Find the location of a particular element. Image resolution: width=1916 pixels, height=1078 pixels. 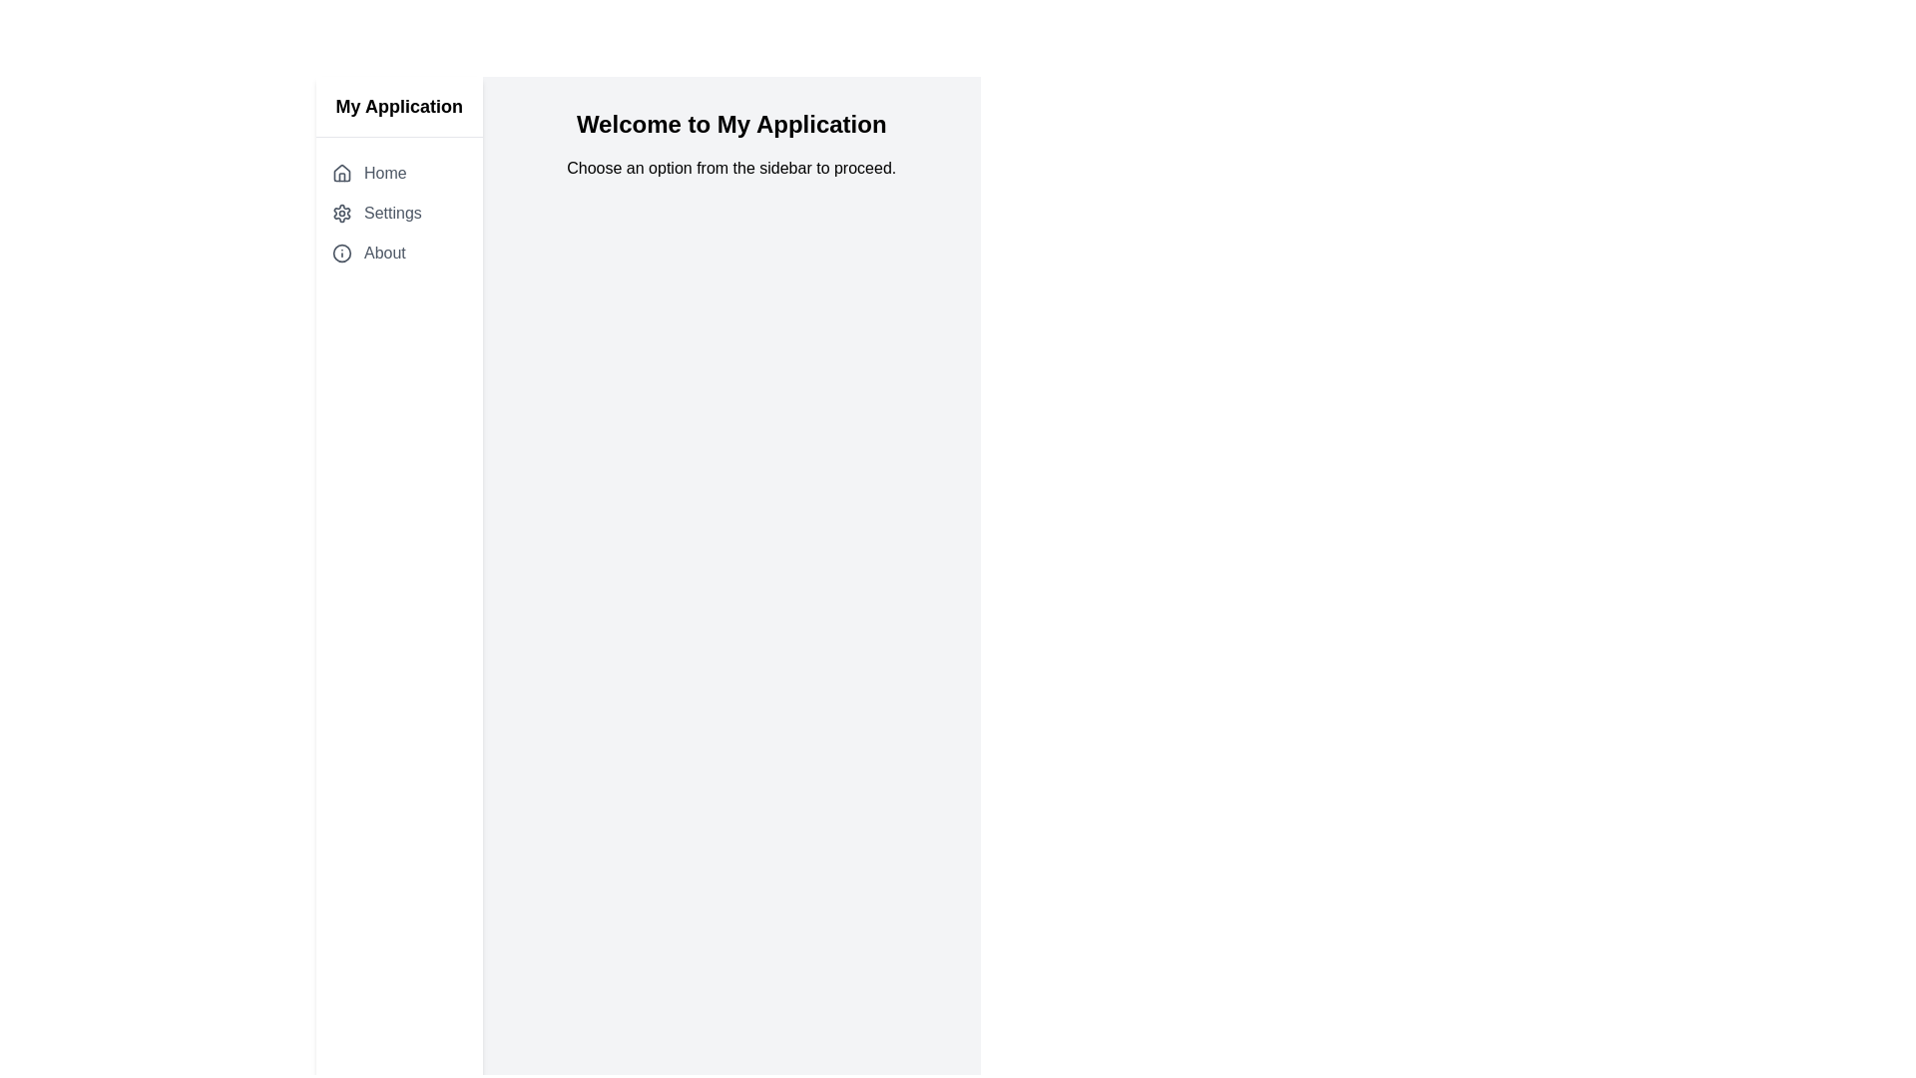

the 'Home' navigation link styled as a text link with a house icon is located at coordinates (399, 172).